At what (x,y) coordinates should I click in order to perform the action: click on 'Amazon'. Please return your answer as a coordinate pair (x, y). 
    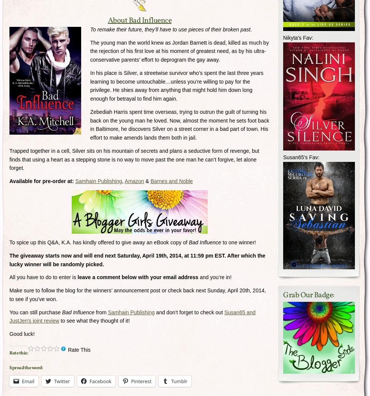
    Looking at the image, I should click on (124, 181).